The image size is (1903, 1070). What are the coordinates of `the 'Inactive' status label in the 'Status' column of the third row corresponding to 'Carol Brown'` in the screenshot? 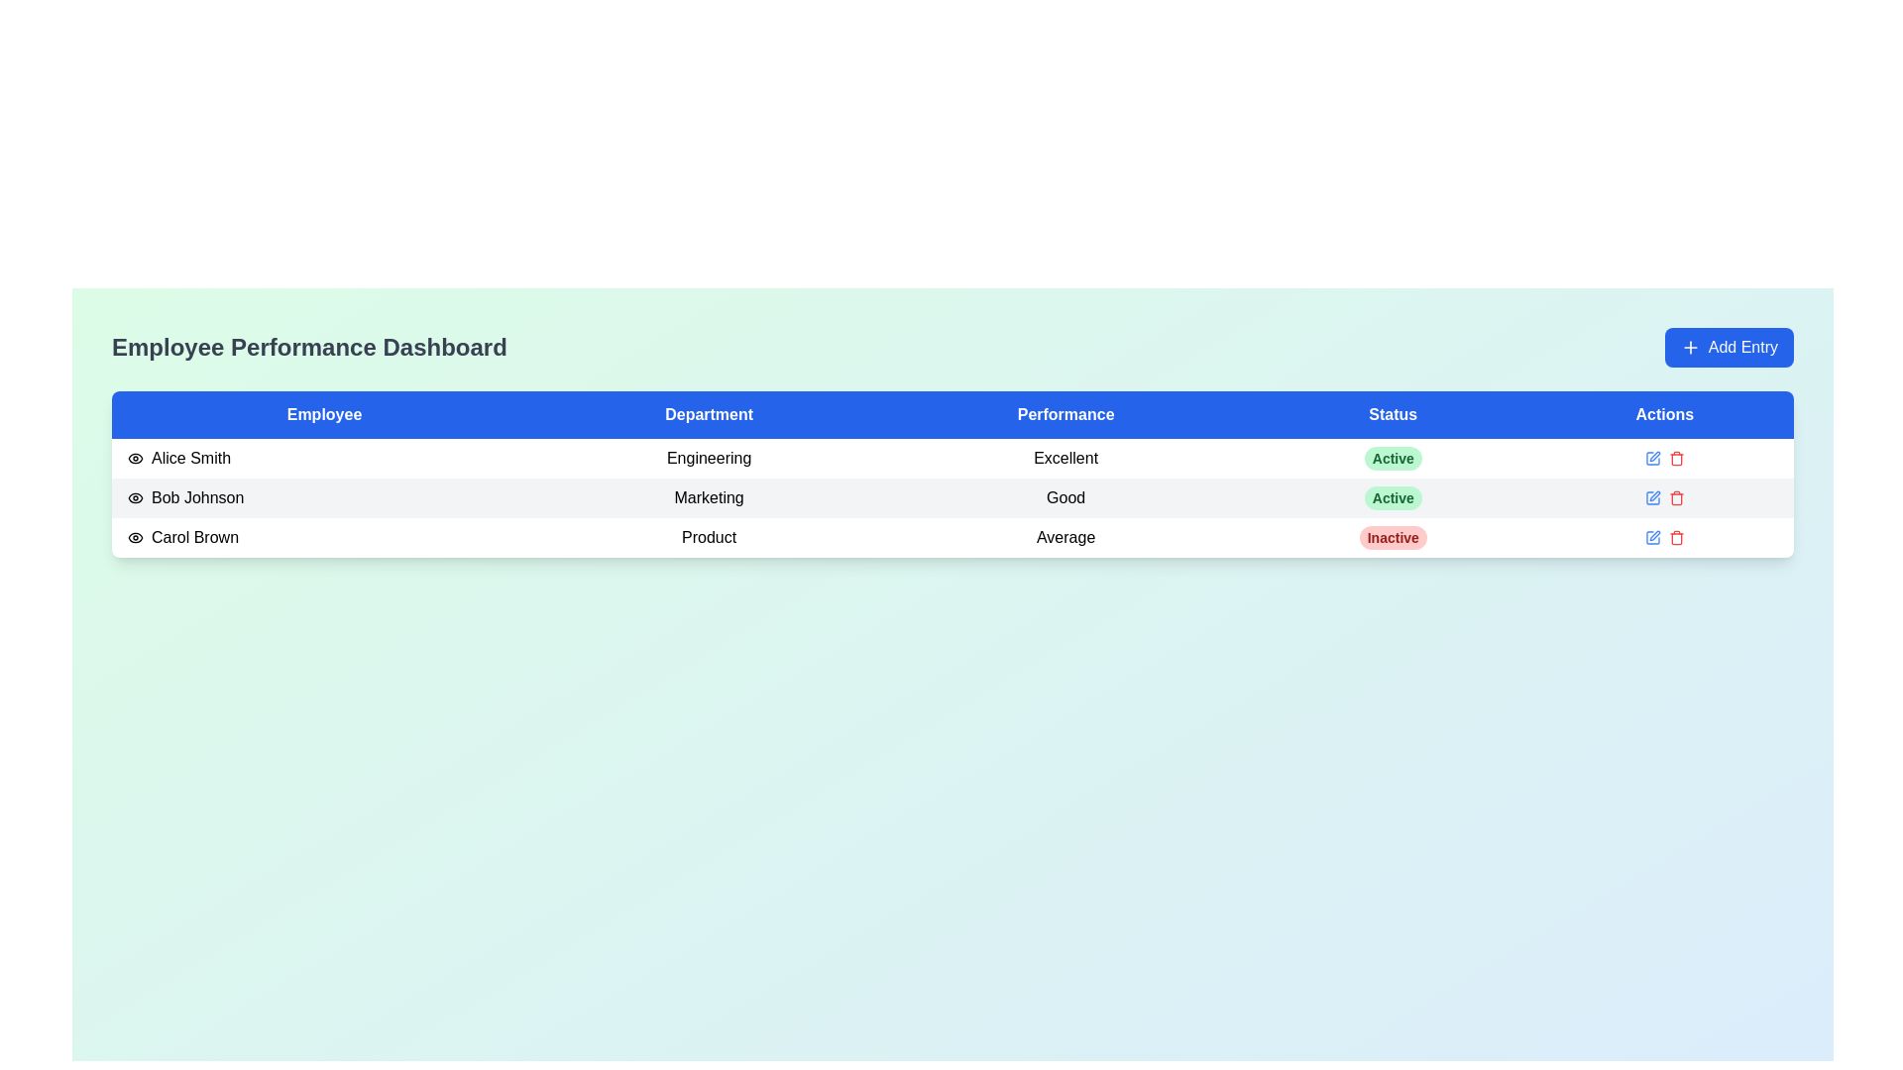 It's located at (1392, 538).